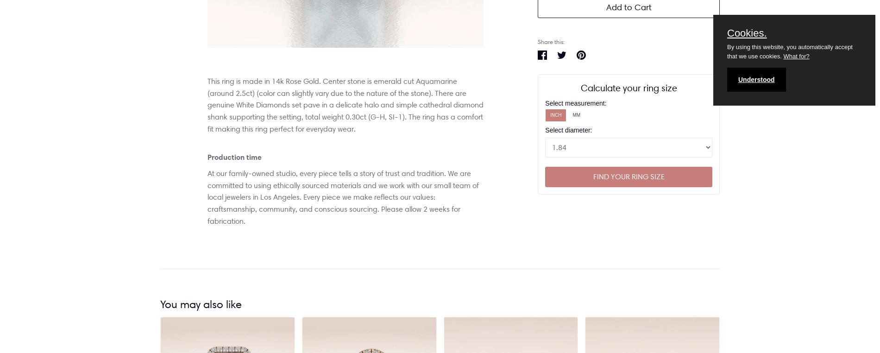  What do you see at coordinates (628, 176) in the screenshot?
I see `'Find your ring size'` at bounding box center [628, 176].